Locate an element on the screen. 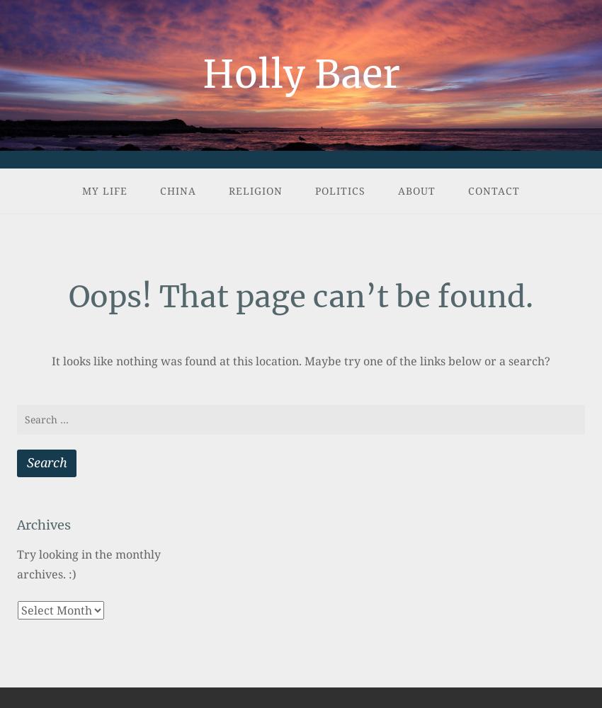  'China' is located at coordinates (178, 190).